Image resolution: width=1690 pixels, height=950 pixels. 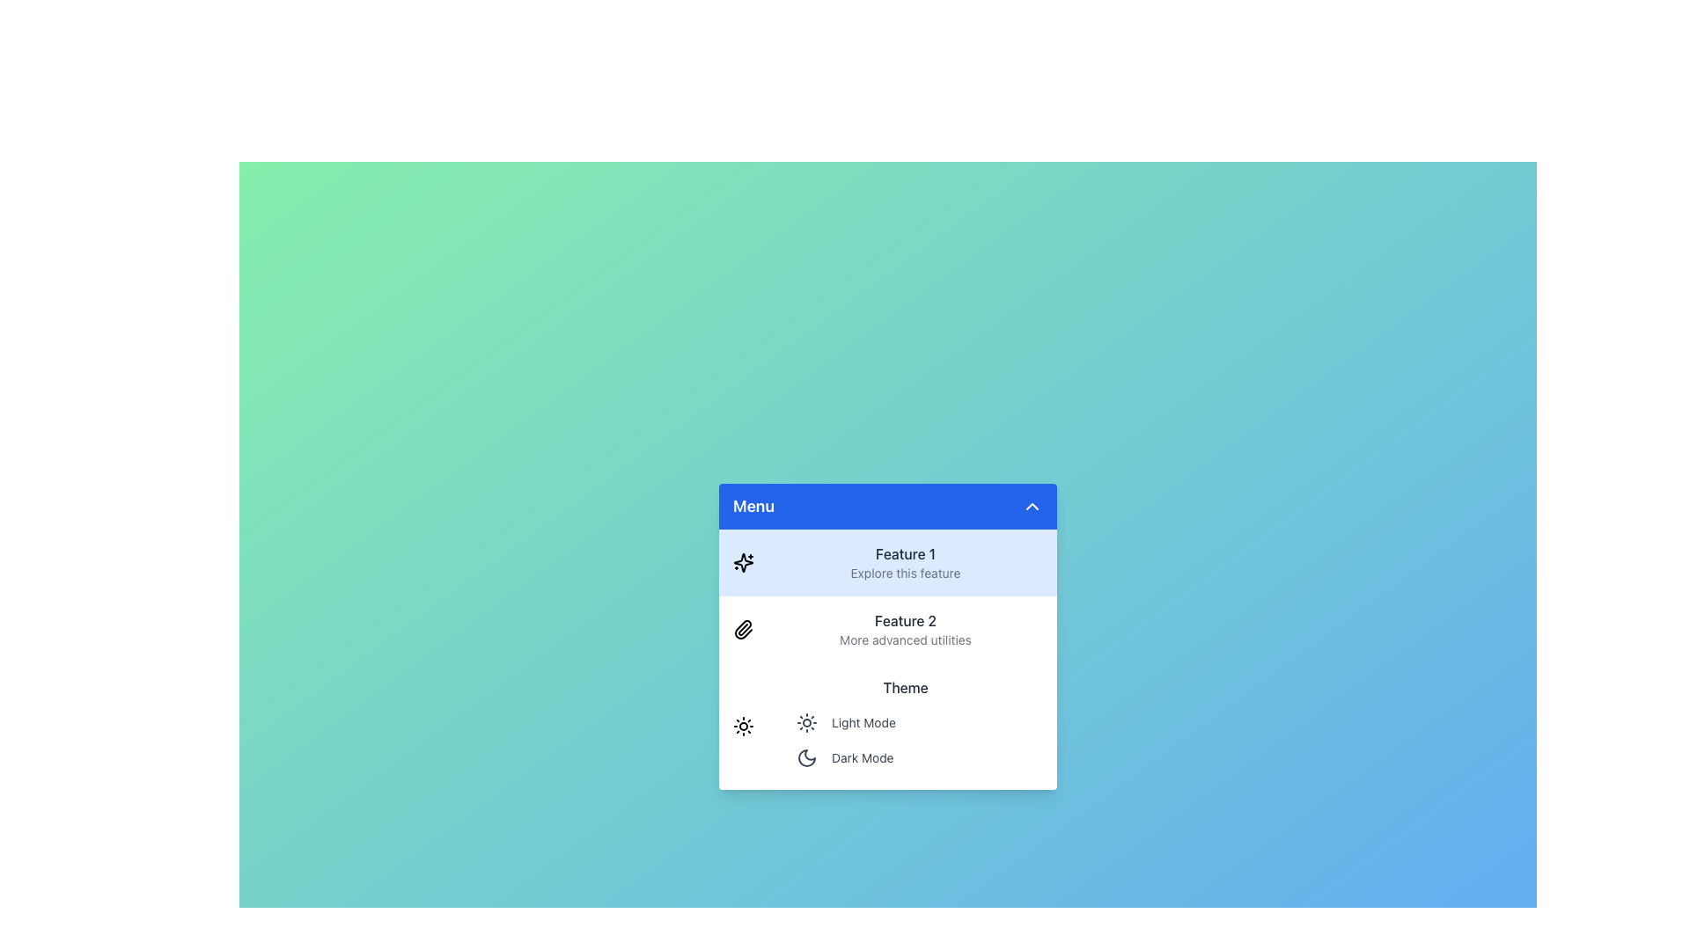 I want to click on the static text label 'Feature 1' which serves as the title for a feature section near the top of the menu panel, so click(x=905, y=552).